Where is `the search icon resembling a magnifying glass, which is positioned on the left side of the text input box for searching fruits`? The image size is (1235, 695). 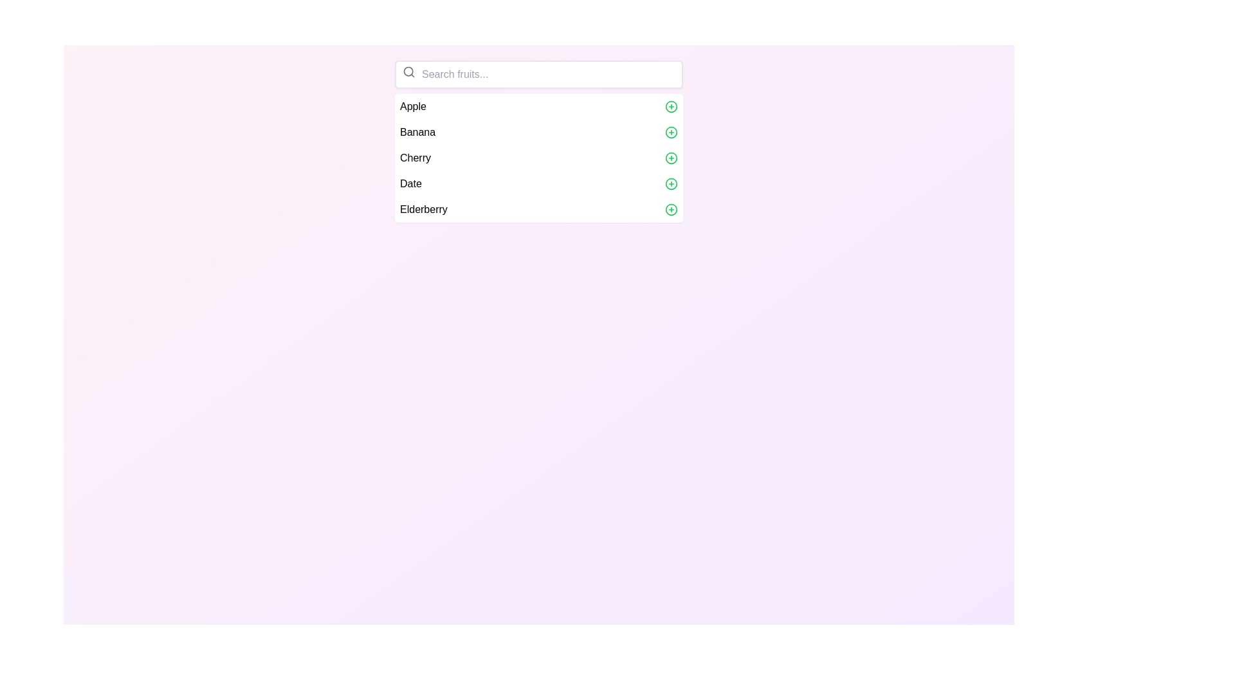
the search icon resembling a magnifying glass, which is positioned on the left side of the text input box for searching fruits is located at coordinates (408, 71).